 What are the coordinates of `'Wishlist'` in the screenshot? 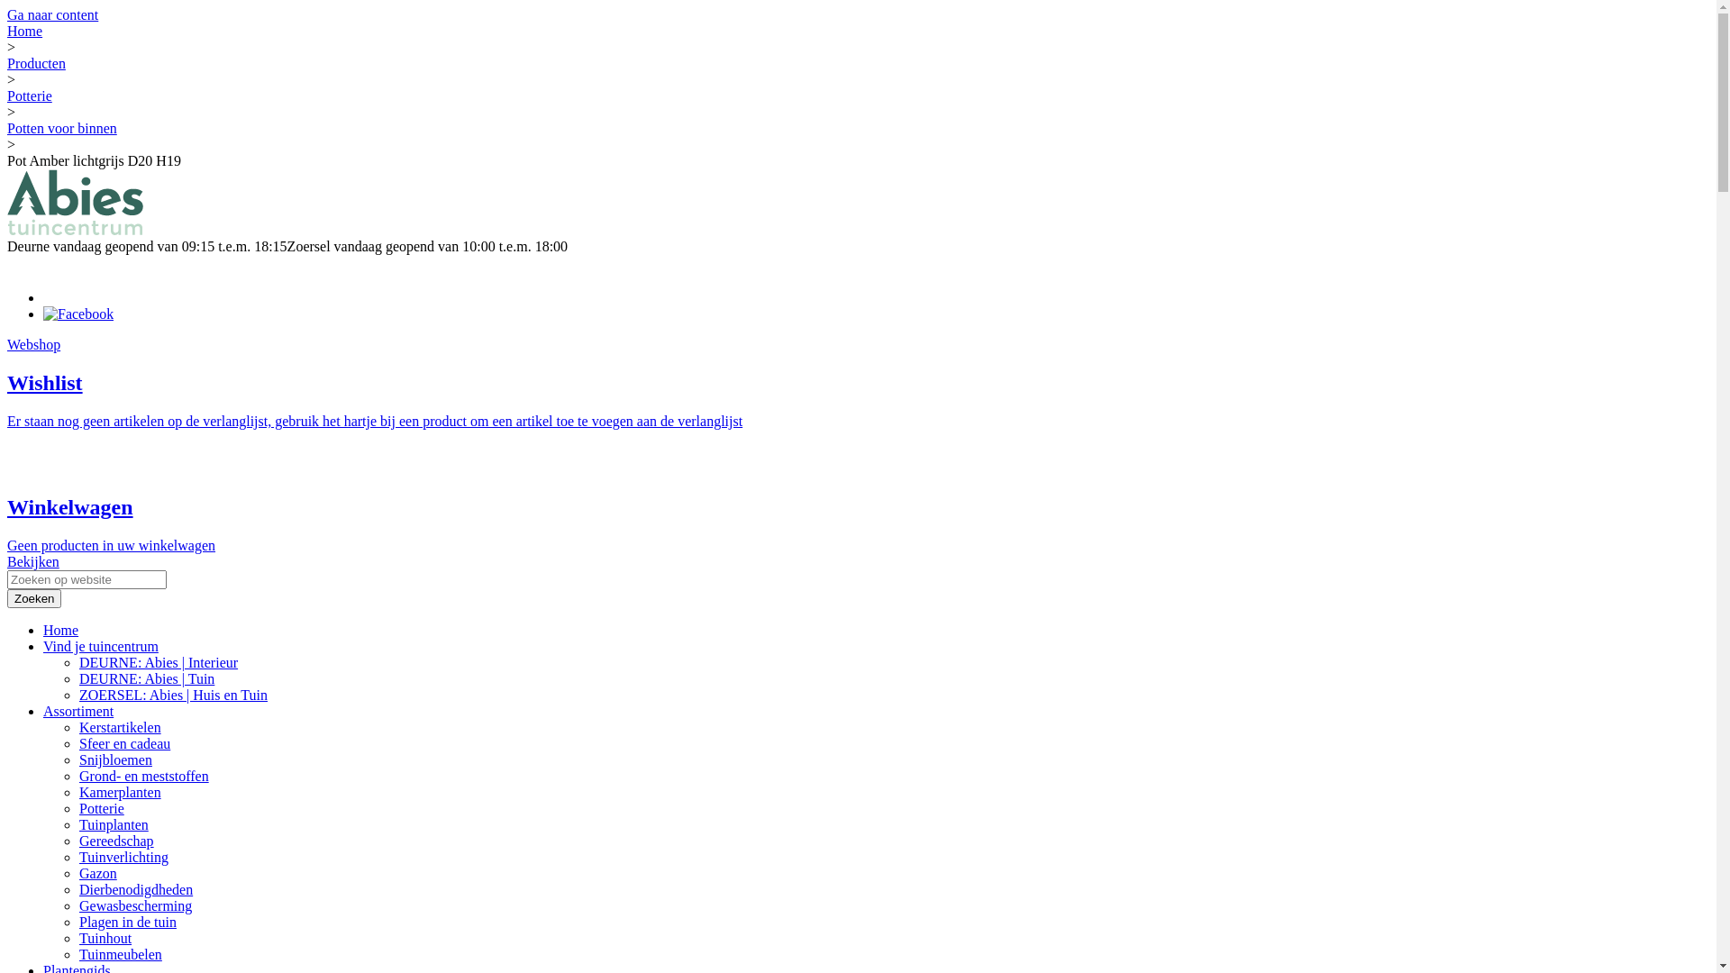 It's located at (7, 381).